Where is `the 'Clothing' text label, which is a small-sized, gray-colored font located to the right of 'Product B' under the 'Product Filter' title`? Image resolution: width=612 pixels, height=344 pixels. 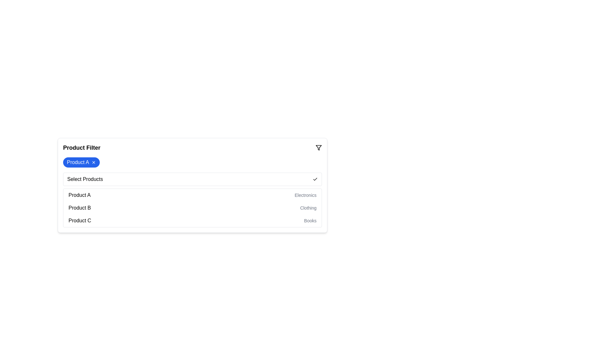 the 'Clothing' text label, which is a small-sized, gray-colored font located to the right of 'Product B' under the 'Product Filter' title is located at coordinates (308, 208).